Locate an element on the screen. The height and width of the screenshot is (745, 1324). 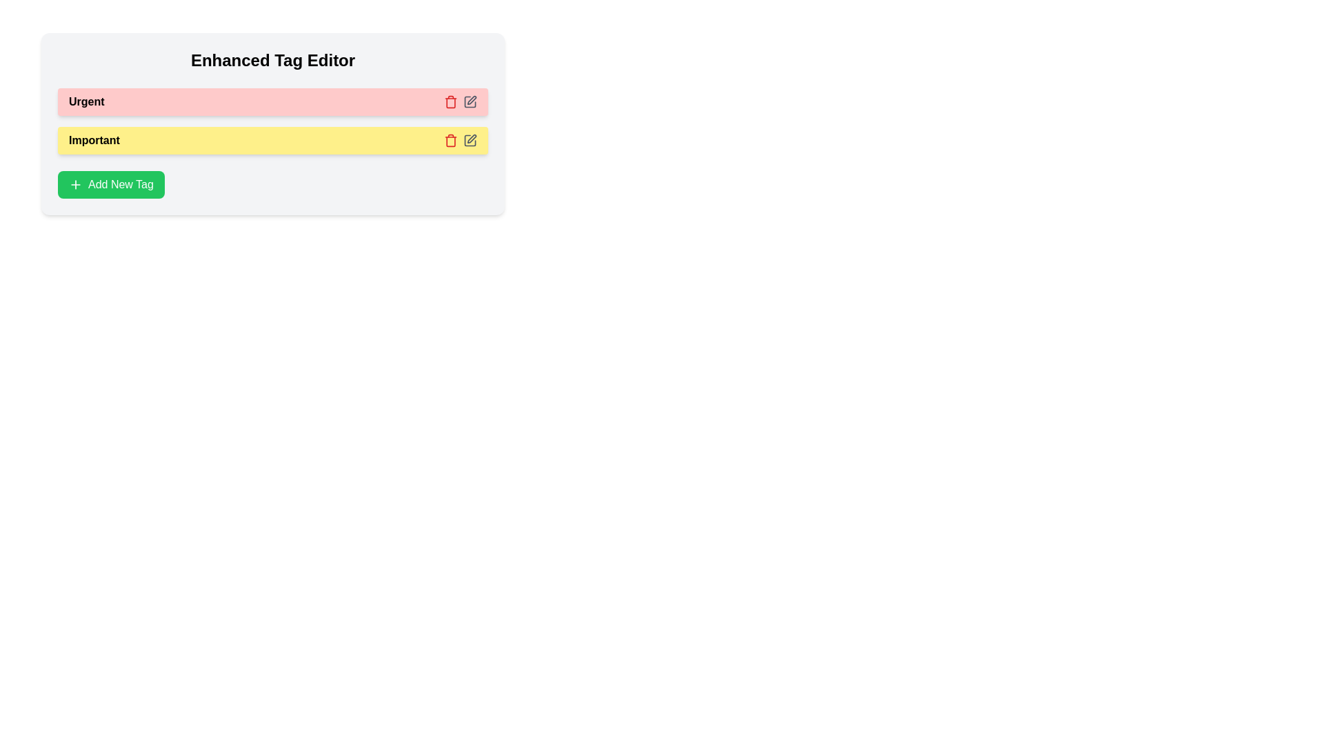
the prominent heading text that reads 'Enhanced Tag Editor', which is centered at the top of the interface is located at coordinates (272, 60).